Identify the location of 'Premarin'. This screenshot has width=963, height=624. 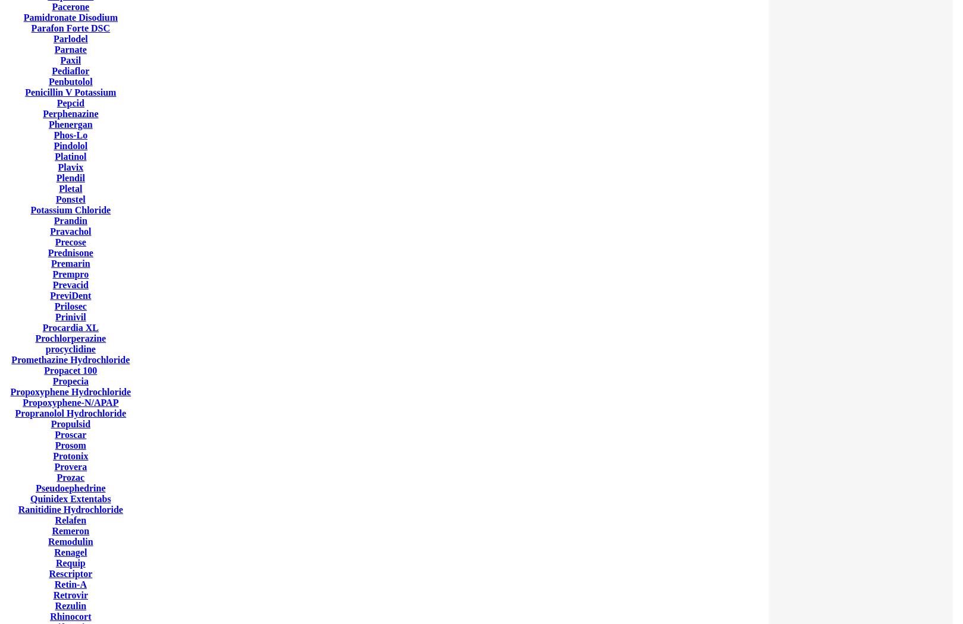
(70, 263).